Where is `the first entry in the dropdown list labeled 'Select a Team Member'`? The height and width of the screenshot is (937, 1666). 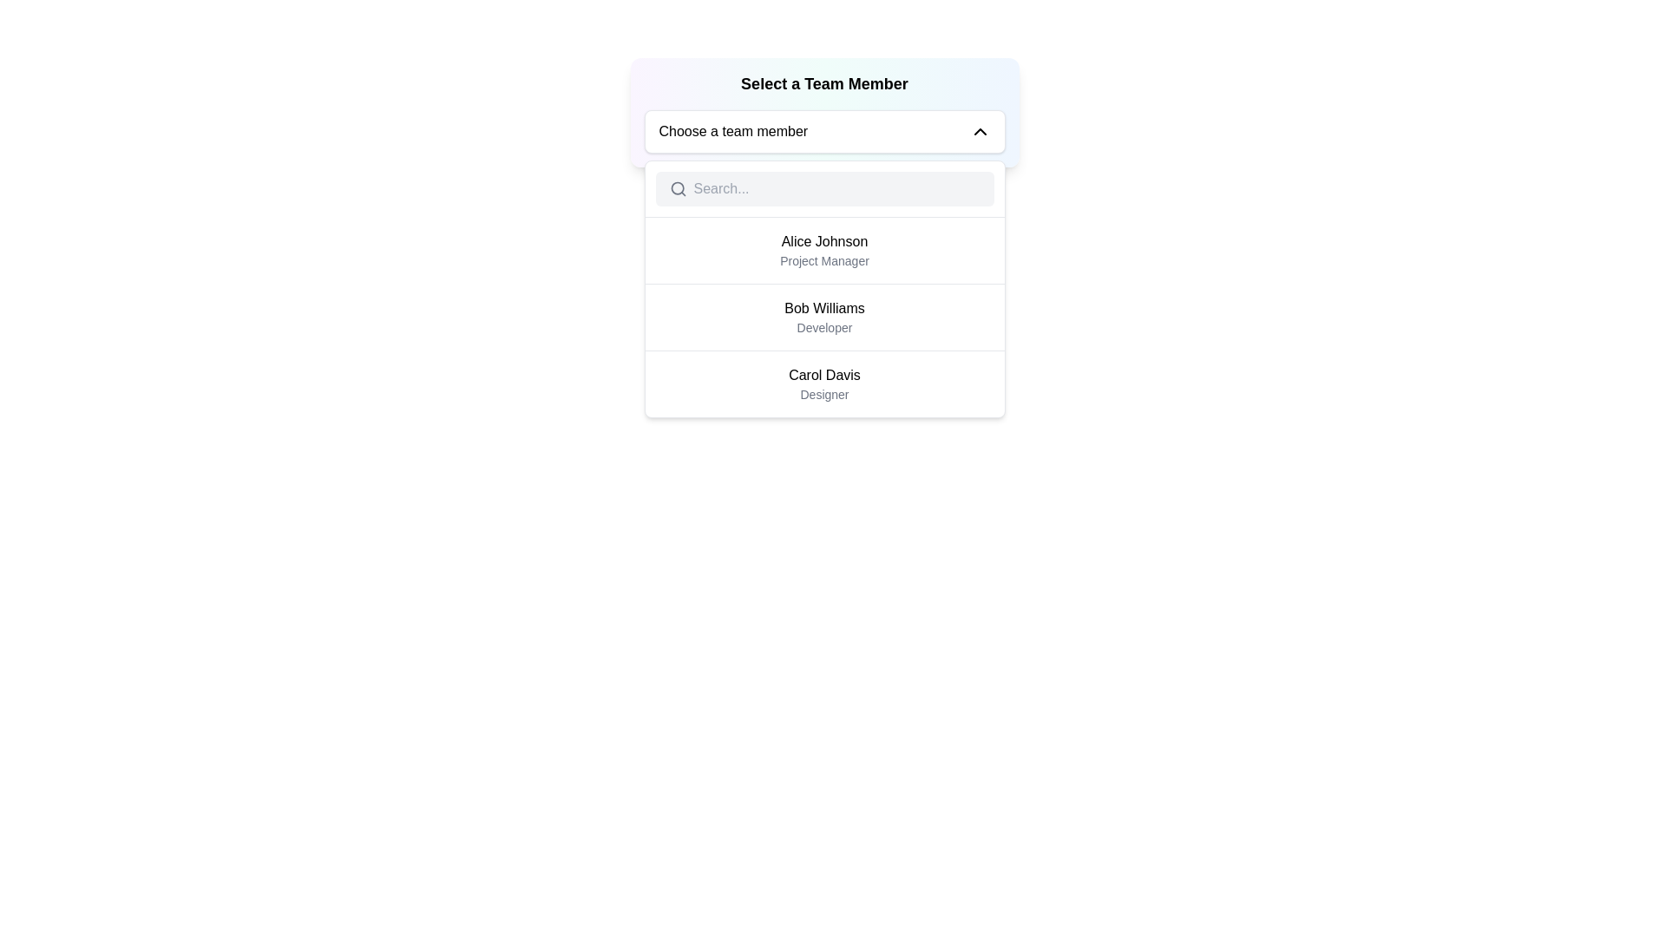
the first entry in the dropdown list labeled 'Select a Team Member' is located at coordinates (823, 251).